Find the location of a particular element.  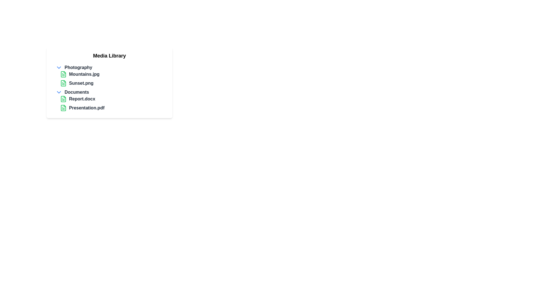

the Icon representing a document or file, which is located to the left of the text label 'Mountains.jpg' in the 'Media Library' list is located at coordinates (63, 74).